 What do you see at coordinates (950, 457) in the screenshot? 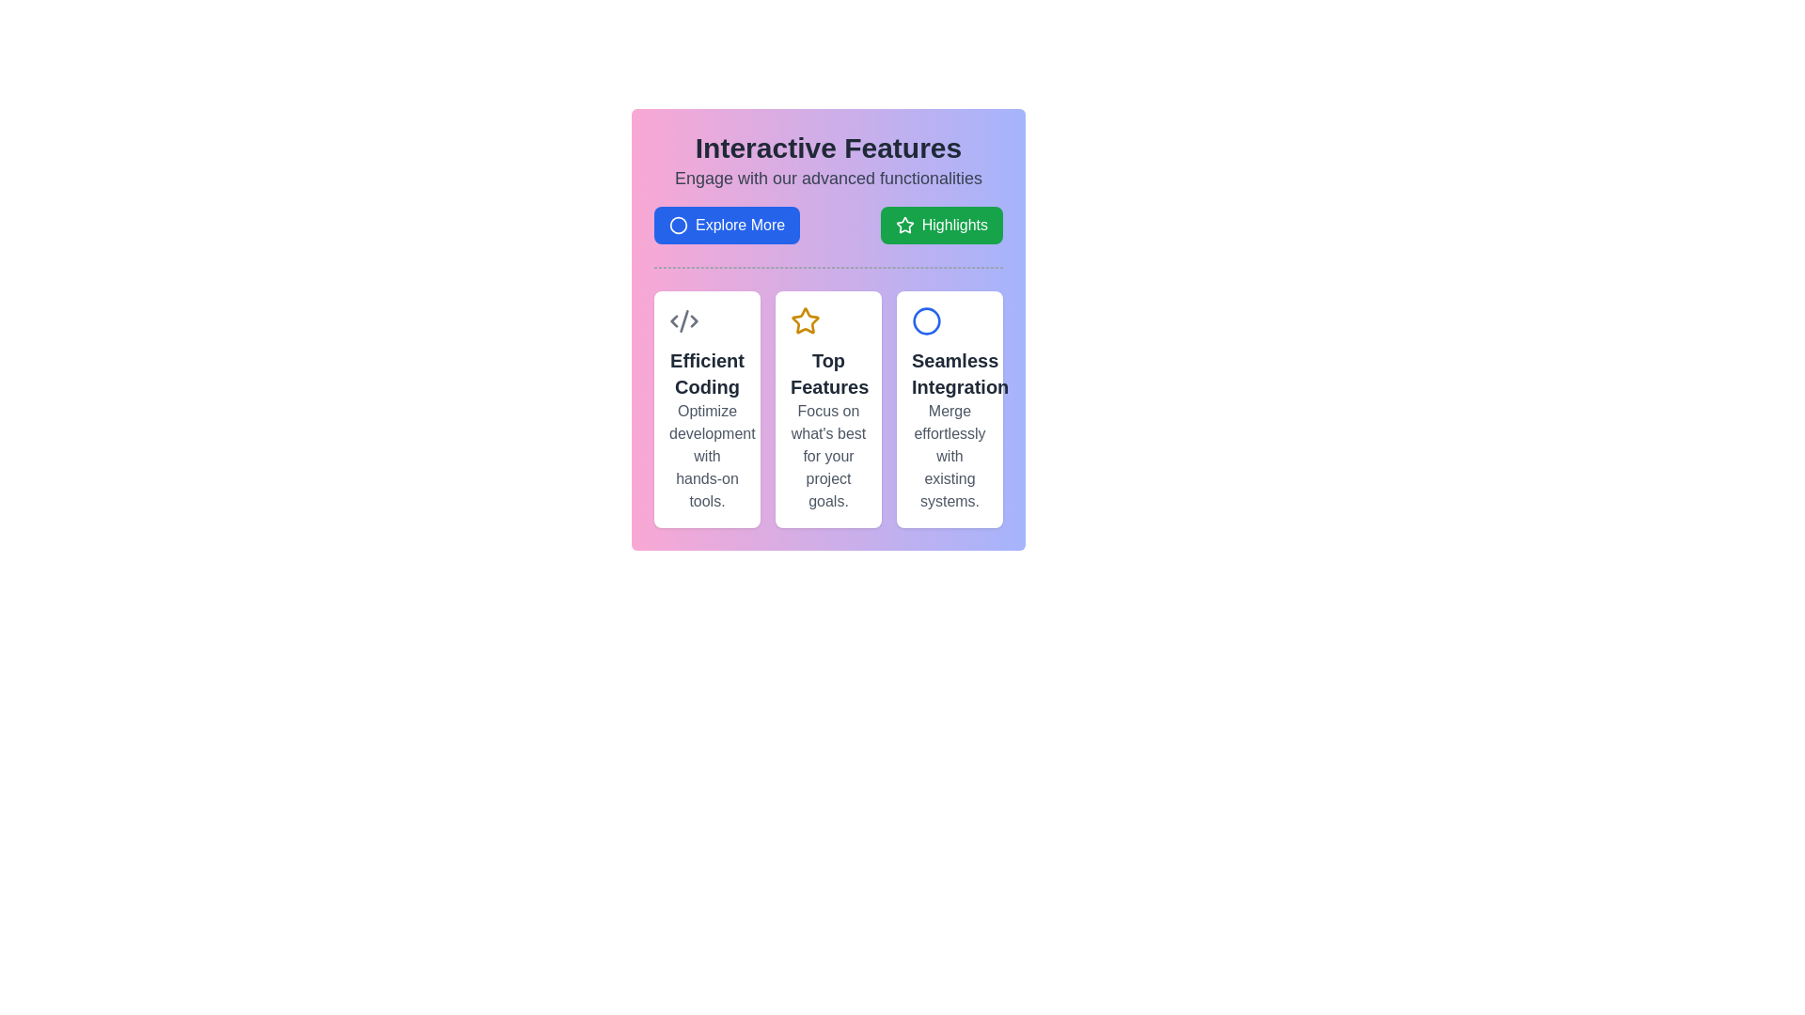
I see `the textual content element that displays the sentence 'Merge effortlessly with existing systems.' located beneath the heading 'Seamless Integration' within the rightmost card` at bounding box center [950, 457].